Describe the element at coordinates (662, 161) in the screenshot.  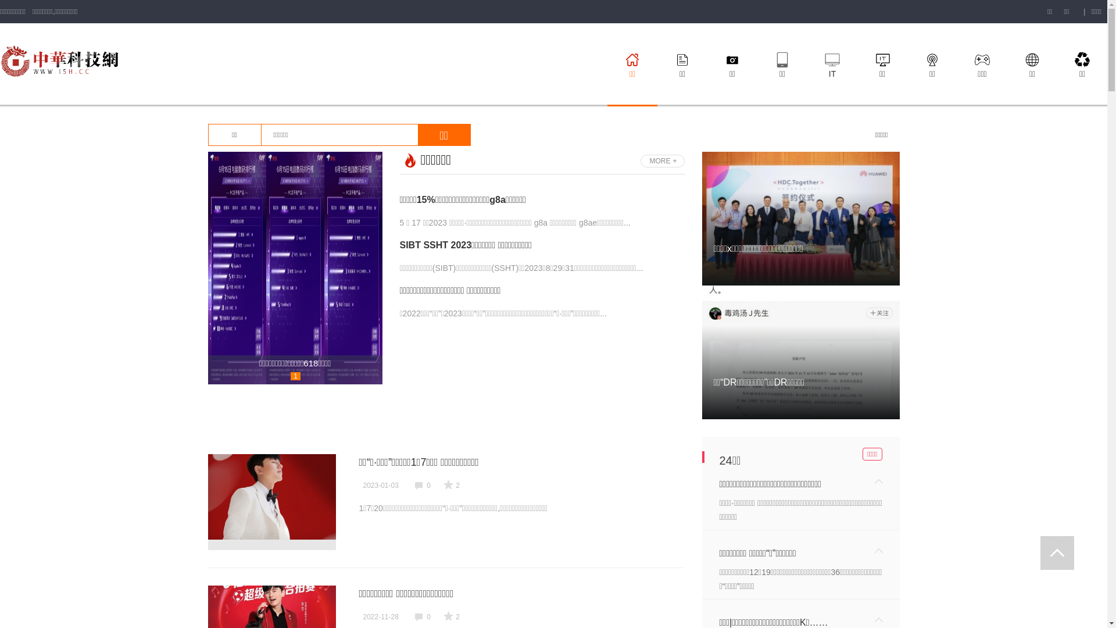
I see `'MORE'` at that location.